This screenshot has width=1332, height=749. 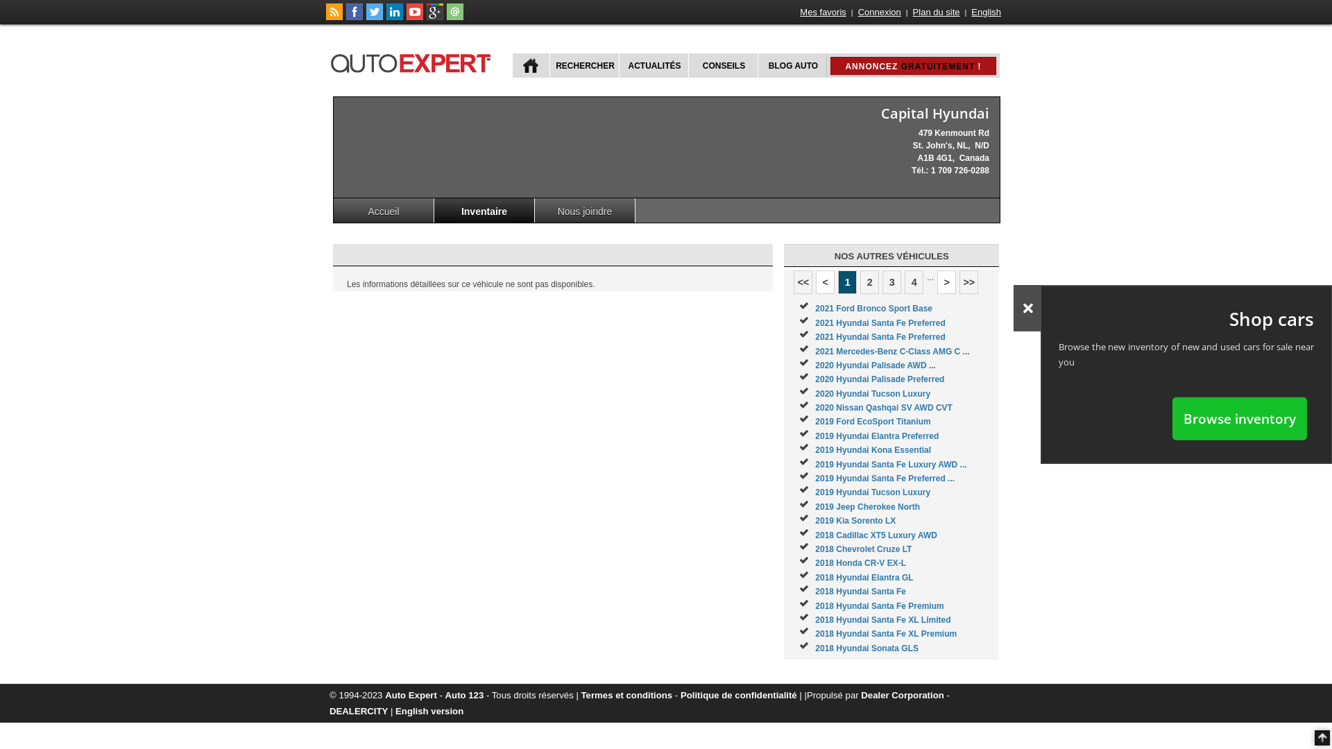 What do you see at coordinates (434, 17) in the screenshot?
I see `'Suivez autoExpert.ca sur Google Plus'` at bounding box center [434, 17].